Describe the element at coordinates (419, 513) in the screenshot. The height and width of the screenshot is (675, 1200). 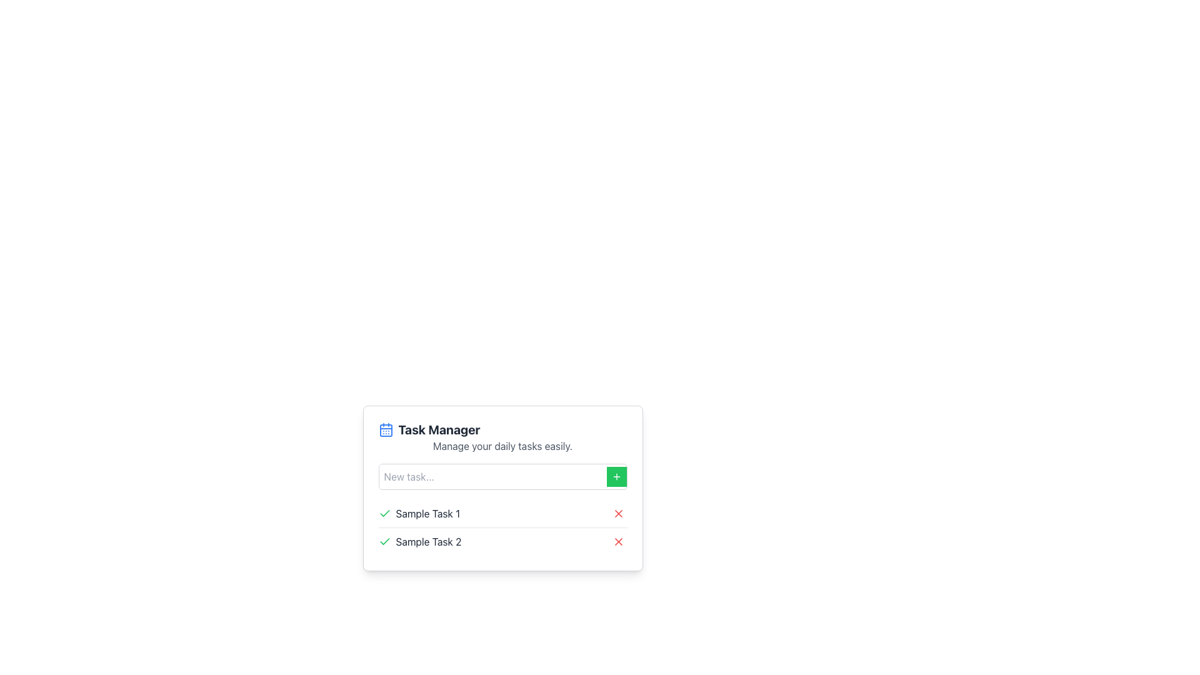
I see `the text label reading 'Sample Task 1' in bold, dark-gray font, located in the task list of the Task Manager interface` at that location.